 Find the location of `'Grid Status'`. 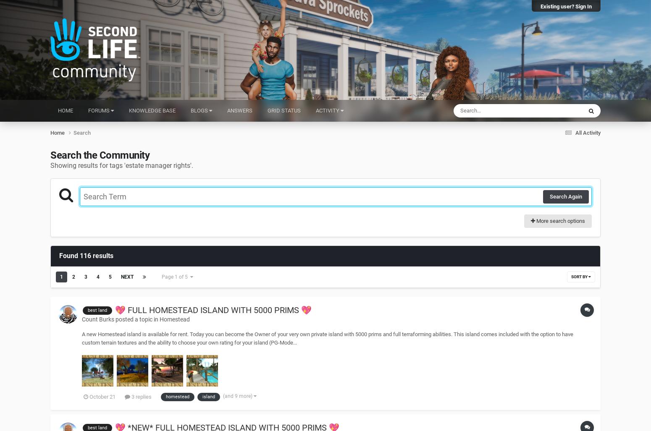

'Grid Status' is located at coordinates (267, 110).